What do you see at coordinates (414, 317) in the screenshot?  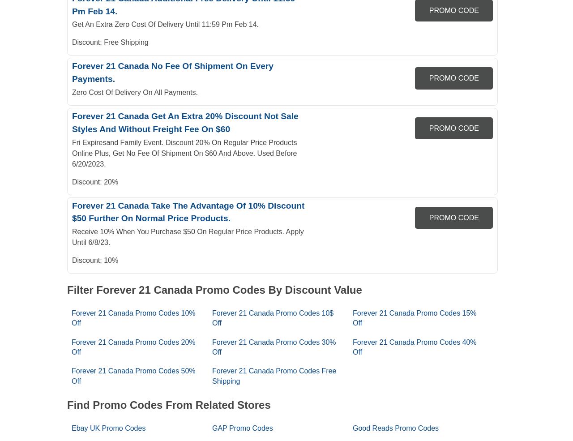 I see `'Forever 21 Canada Promo Codes 15% Off'` at bounding box center [414, 317].